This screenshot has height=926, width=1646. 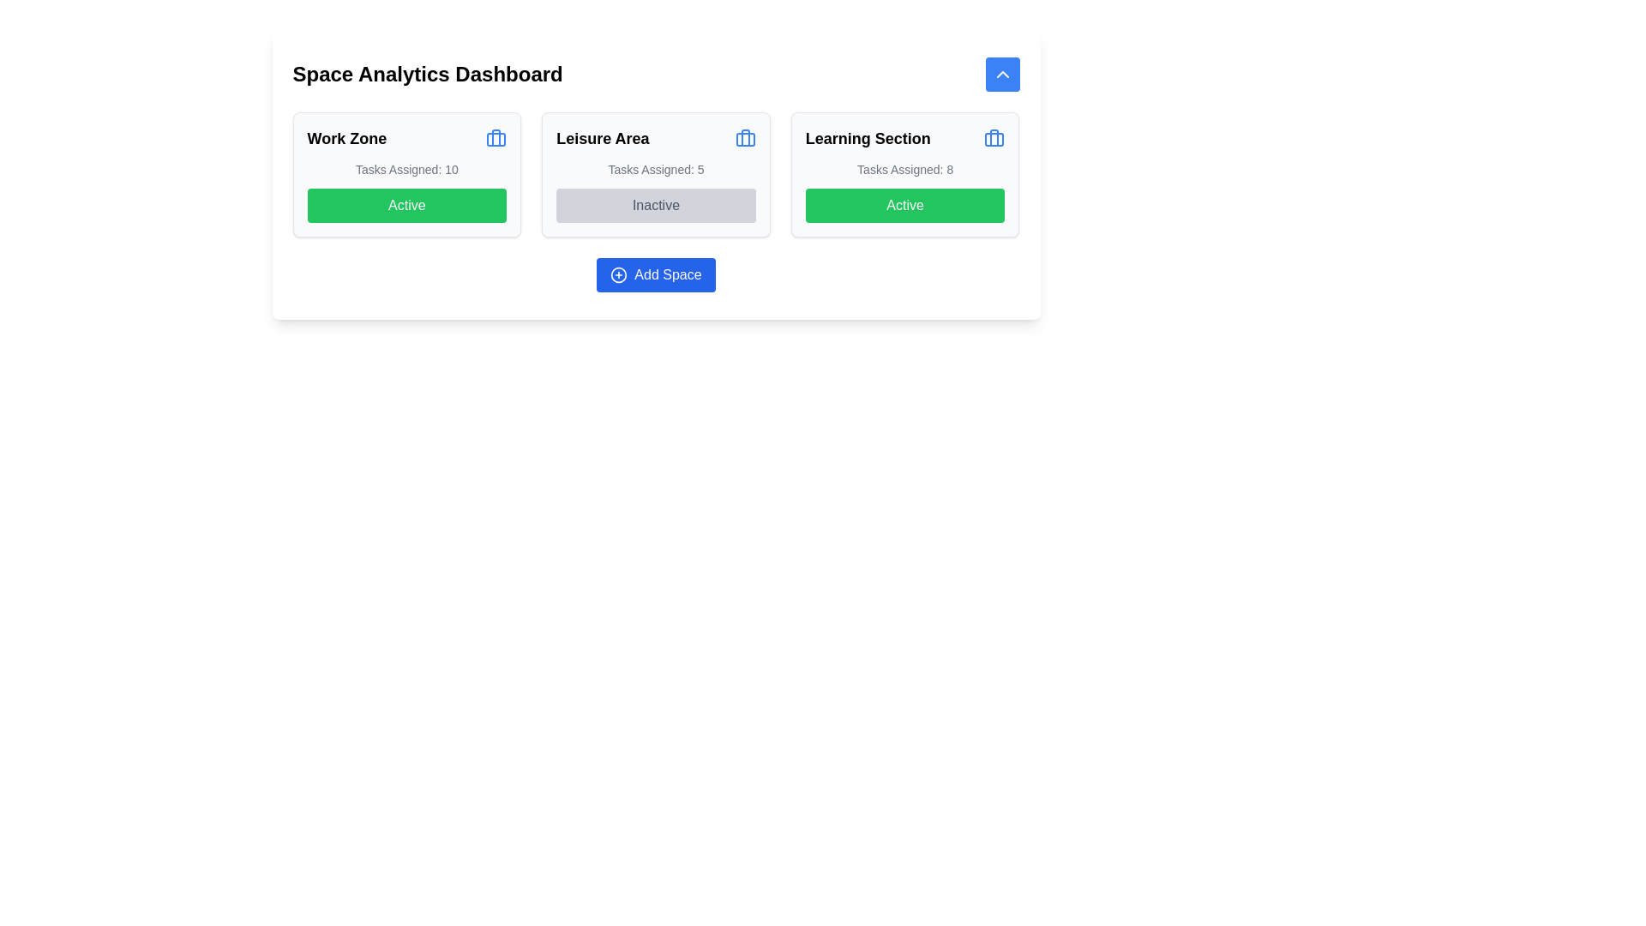 I want to click on the 'Learning Section' text label located above the 'Active' green button and the descriptive text 'Tasks Assigned: 8' within the card section, so click(x=868, y=138).